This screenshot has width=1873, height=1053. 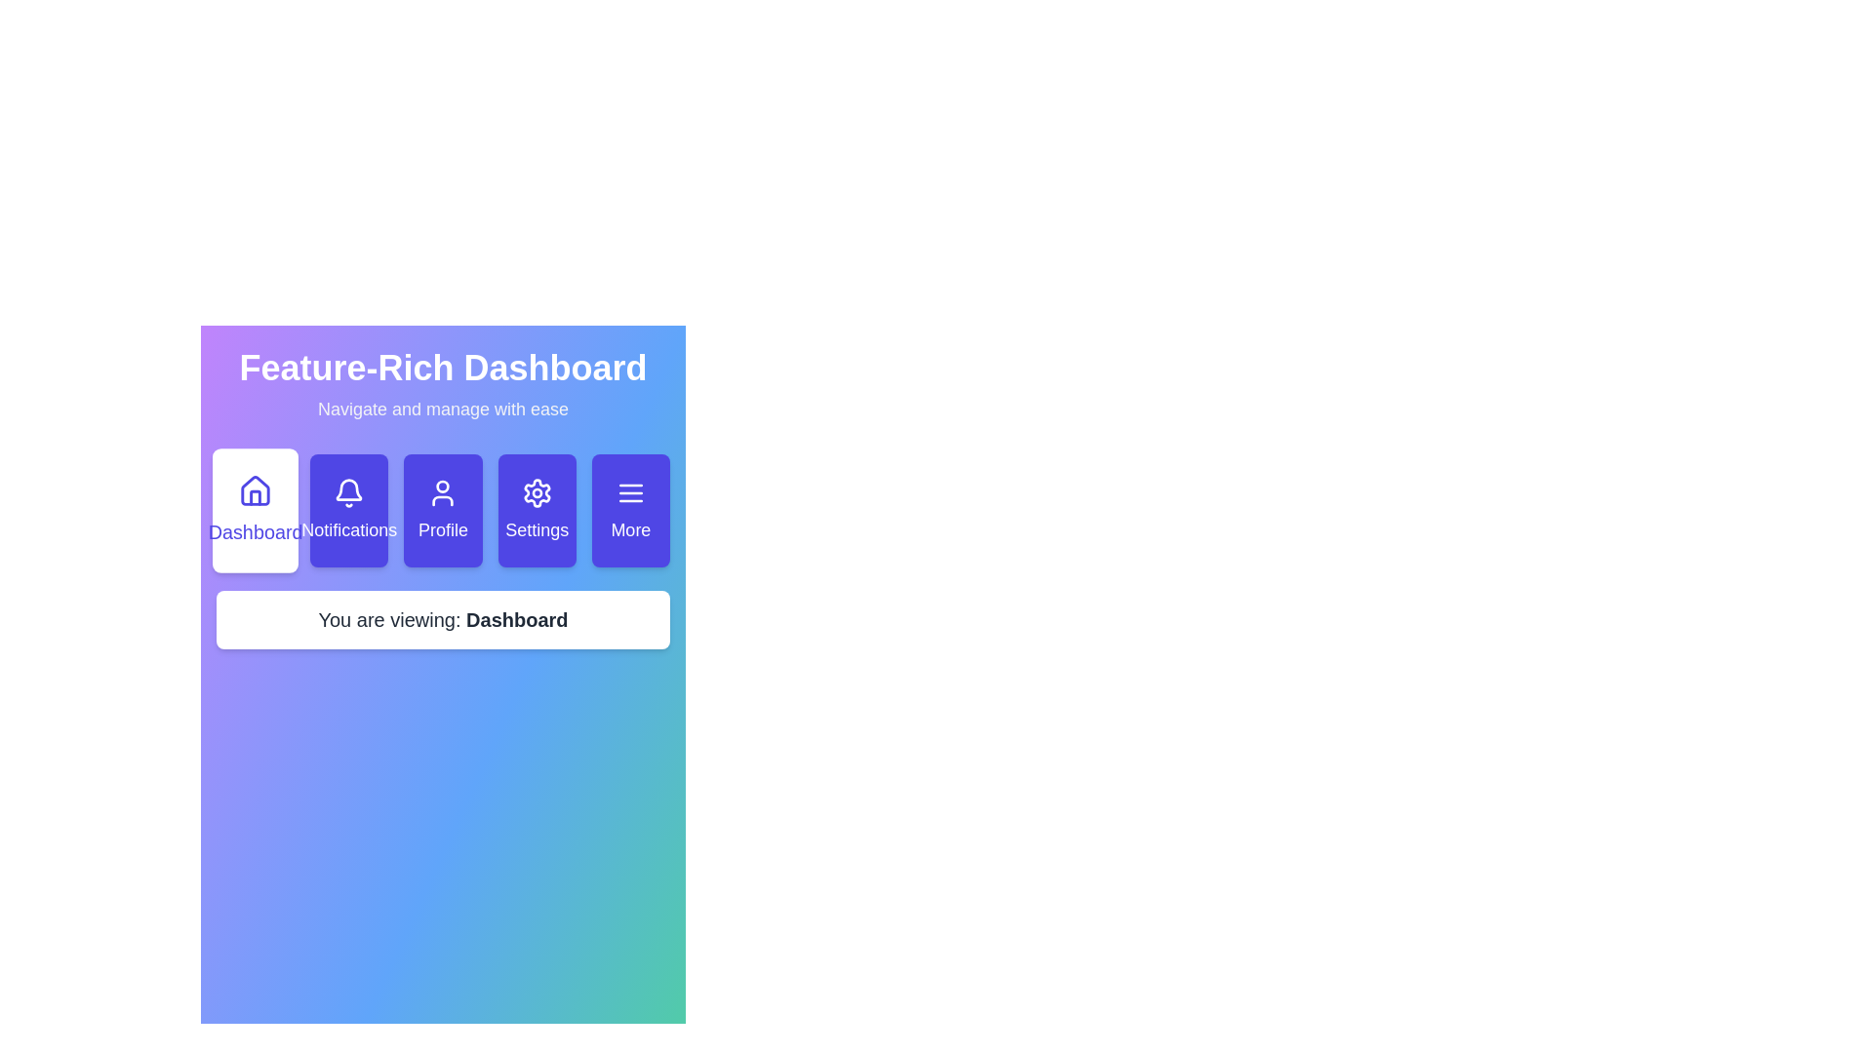 What do you see at coordinates (630, 529) in the screenshot?
I see `the text label located at the bottom section of the right-most button in the navigation grid, which indicates additional options or features` at bounding box center [630, 529].